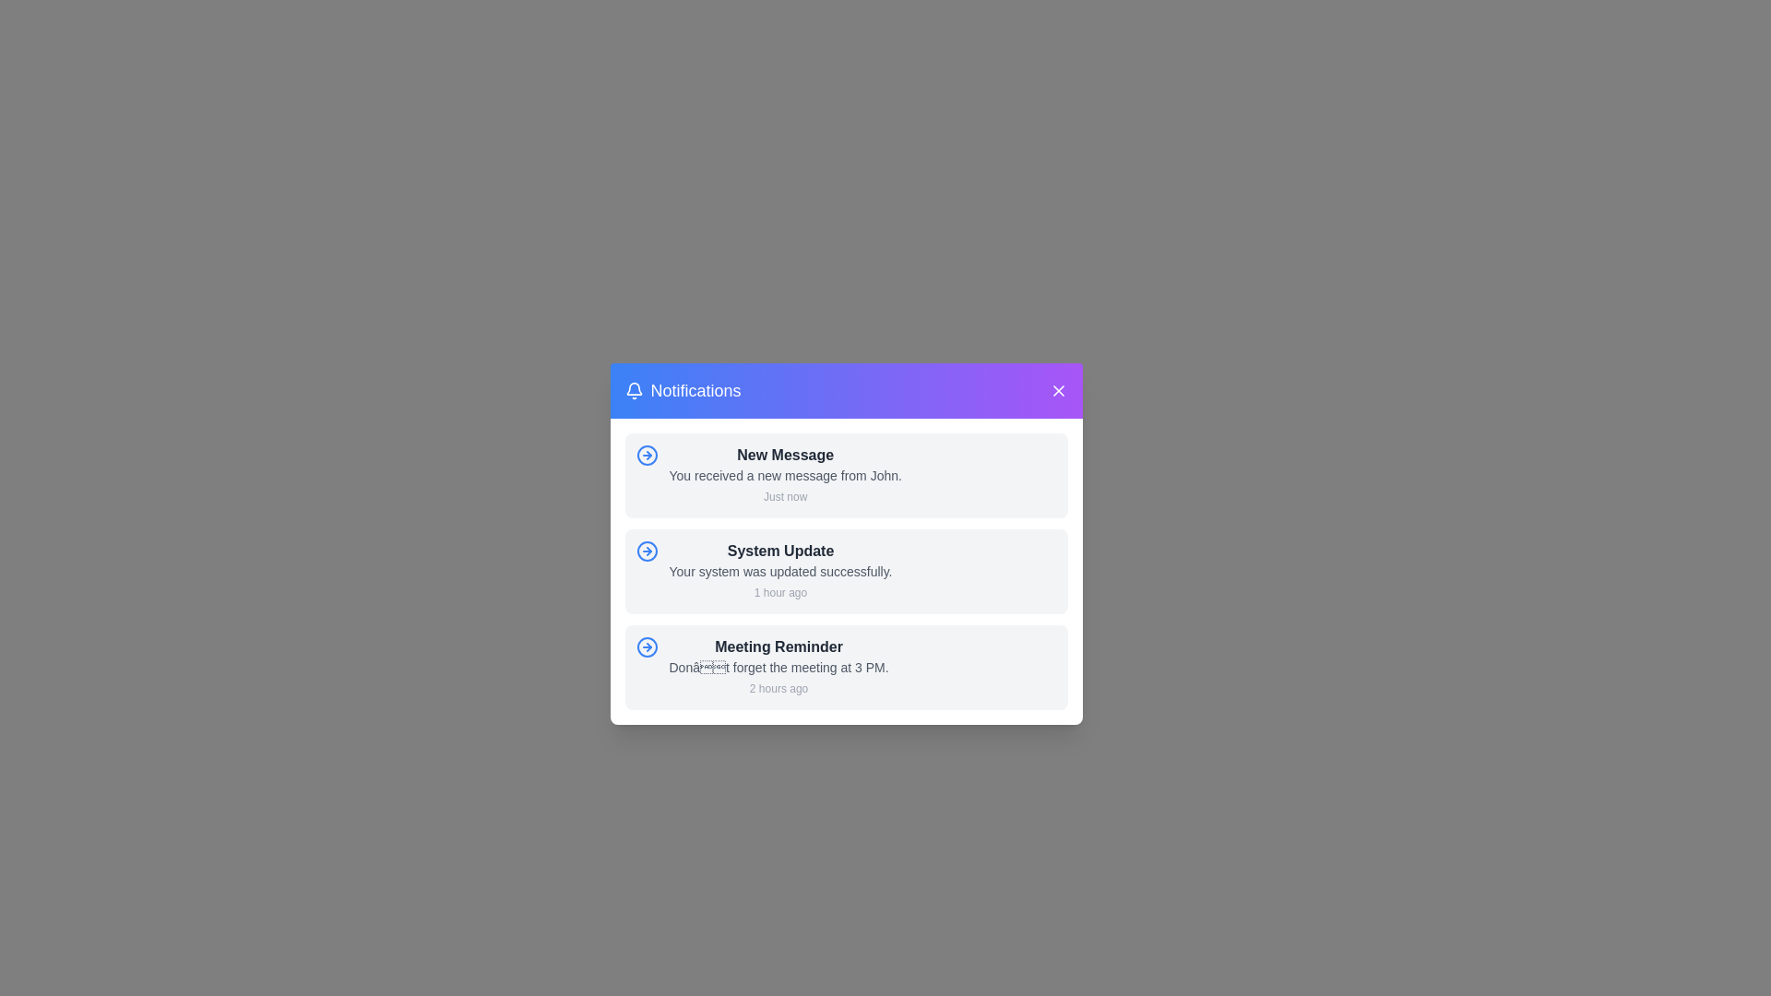 This screenshot has width=1771, height=996. What do you see at coordinates (780, 593) in the screenshot?
I see `the gray text label displaying '1 hour ago', located in the bottom-right corner of the notification card titled 'System Update', beneath the main text 'Your system was updated successfully'` at bounding box center [780, 593].